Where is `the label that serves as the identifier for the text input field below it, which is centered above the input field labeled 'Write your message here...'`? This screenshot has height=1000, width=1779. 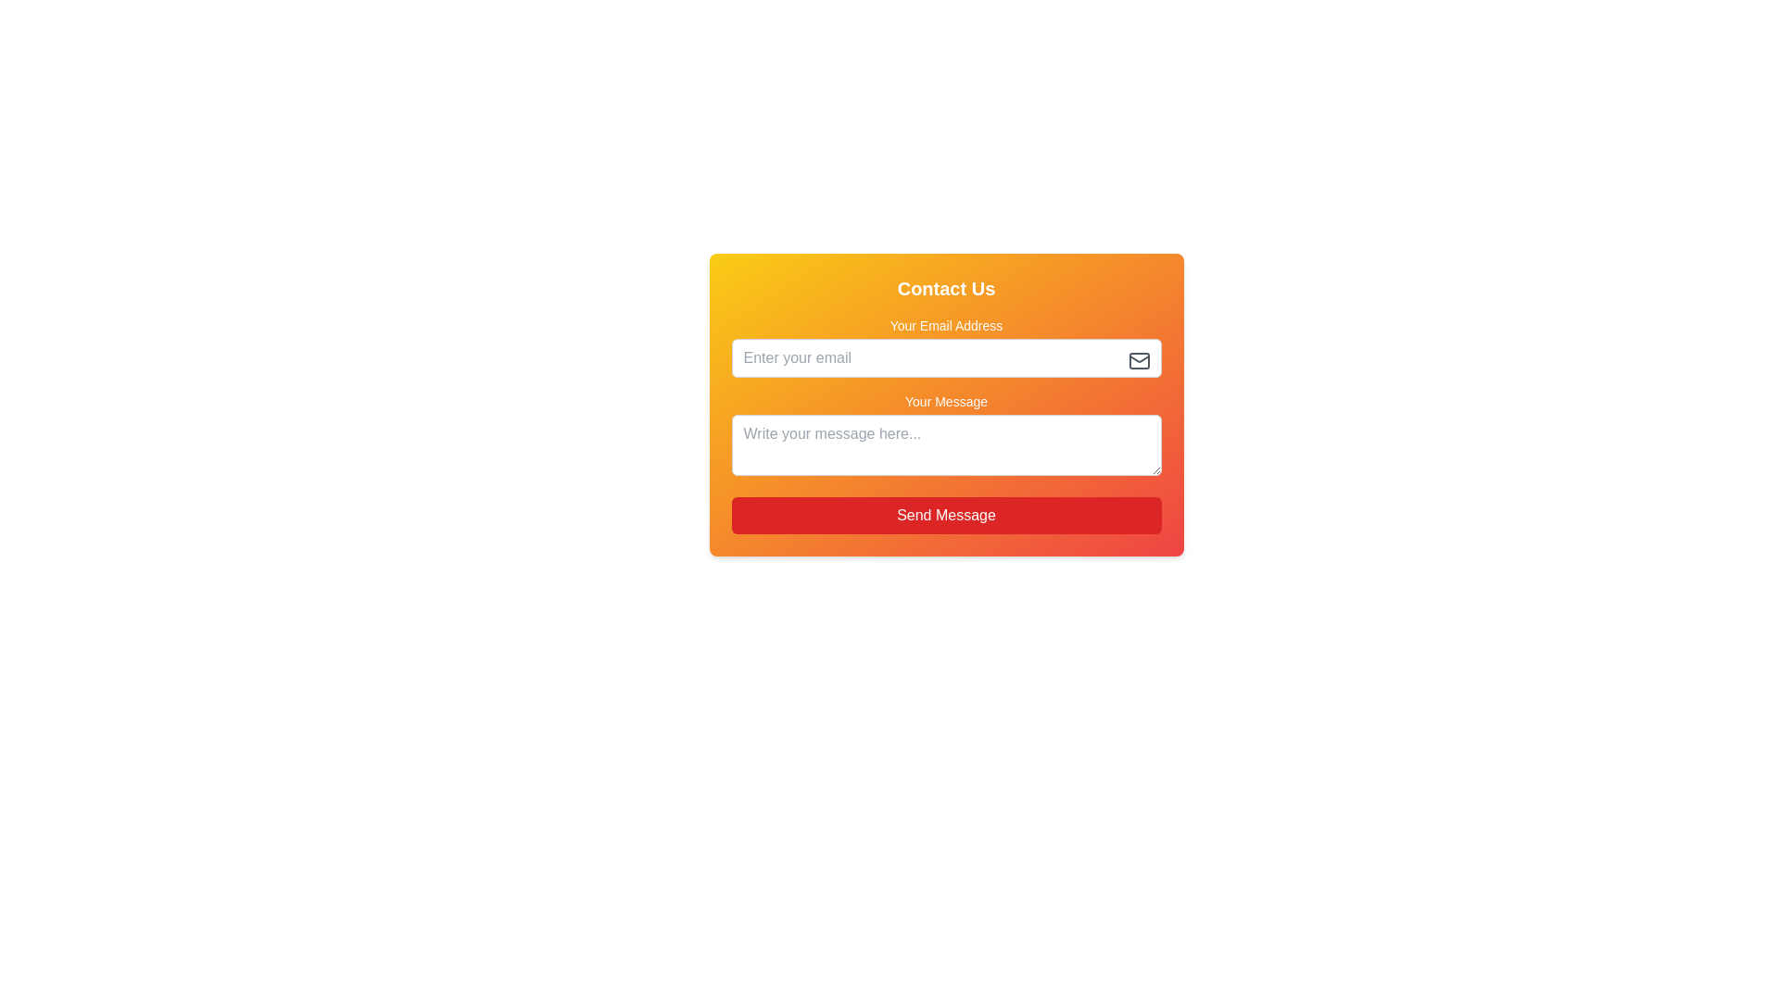
the label that serves as the identifier for the text input field below it, which is centered above the input field labeled 'Write your message here...' is located at coordinates (946, 401).